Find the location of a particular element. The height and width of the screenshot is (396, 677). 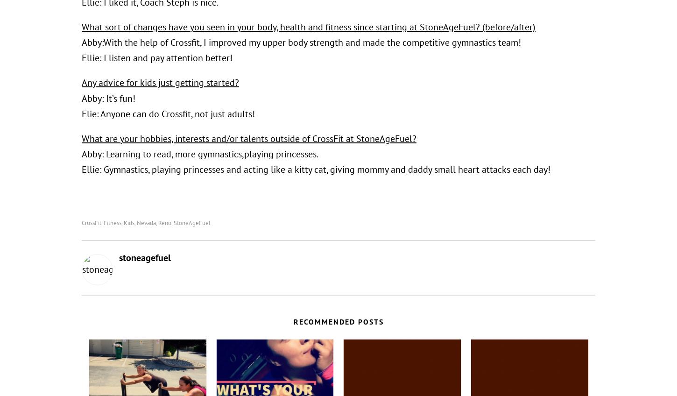

'Recommended Posts' is located at coordinates (338, 320).